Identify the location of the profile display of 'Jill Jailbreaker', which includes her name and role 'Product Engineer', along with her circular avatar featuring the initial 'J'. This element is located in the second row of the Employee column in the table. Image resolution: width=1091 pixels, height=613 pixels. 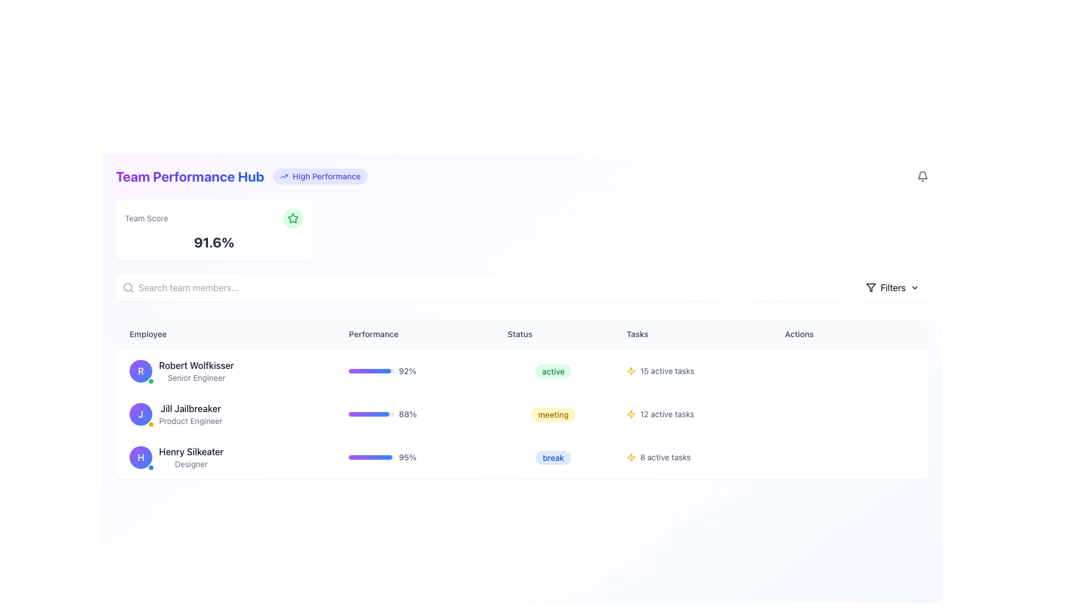
(226, 414).